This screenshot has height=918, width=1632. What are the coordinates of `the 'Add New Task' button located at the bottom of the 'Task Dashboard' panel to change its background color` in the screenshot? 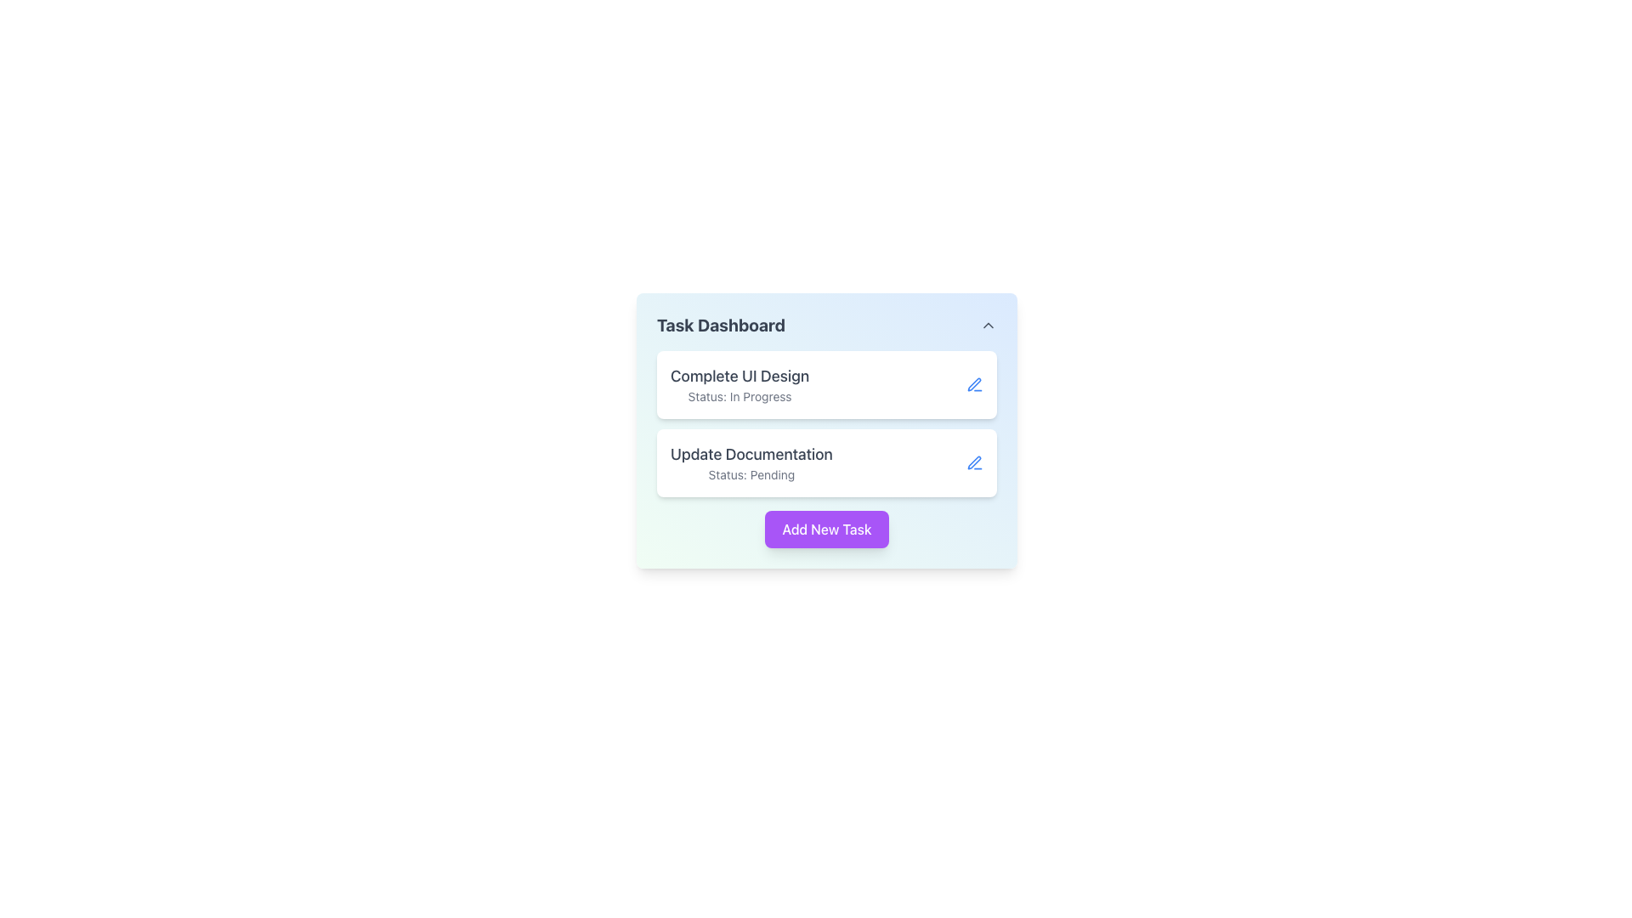 It's located at (827, 529).